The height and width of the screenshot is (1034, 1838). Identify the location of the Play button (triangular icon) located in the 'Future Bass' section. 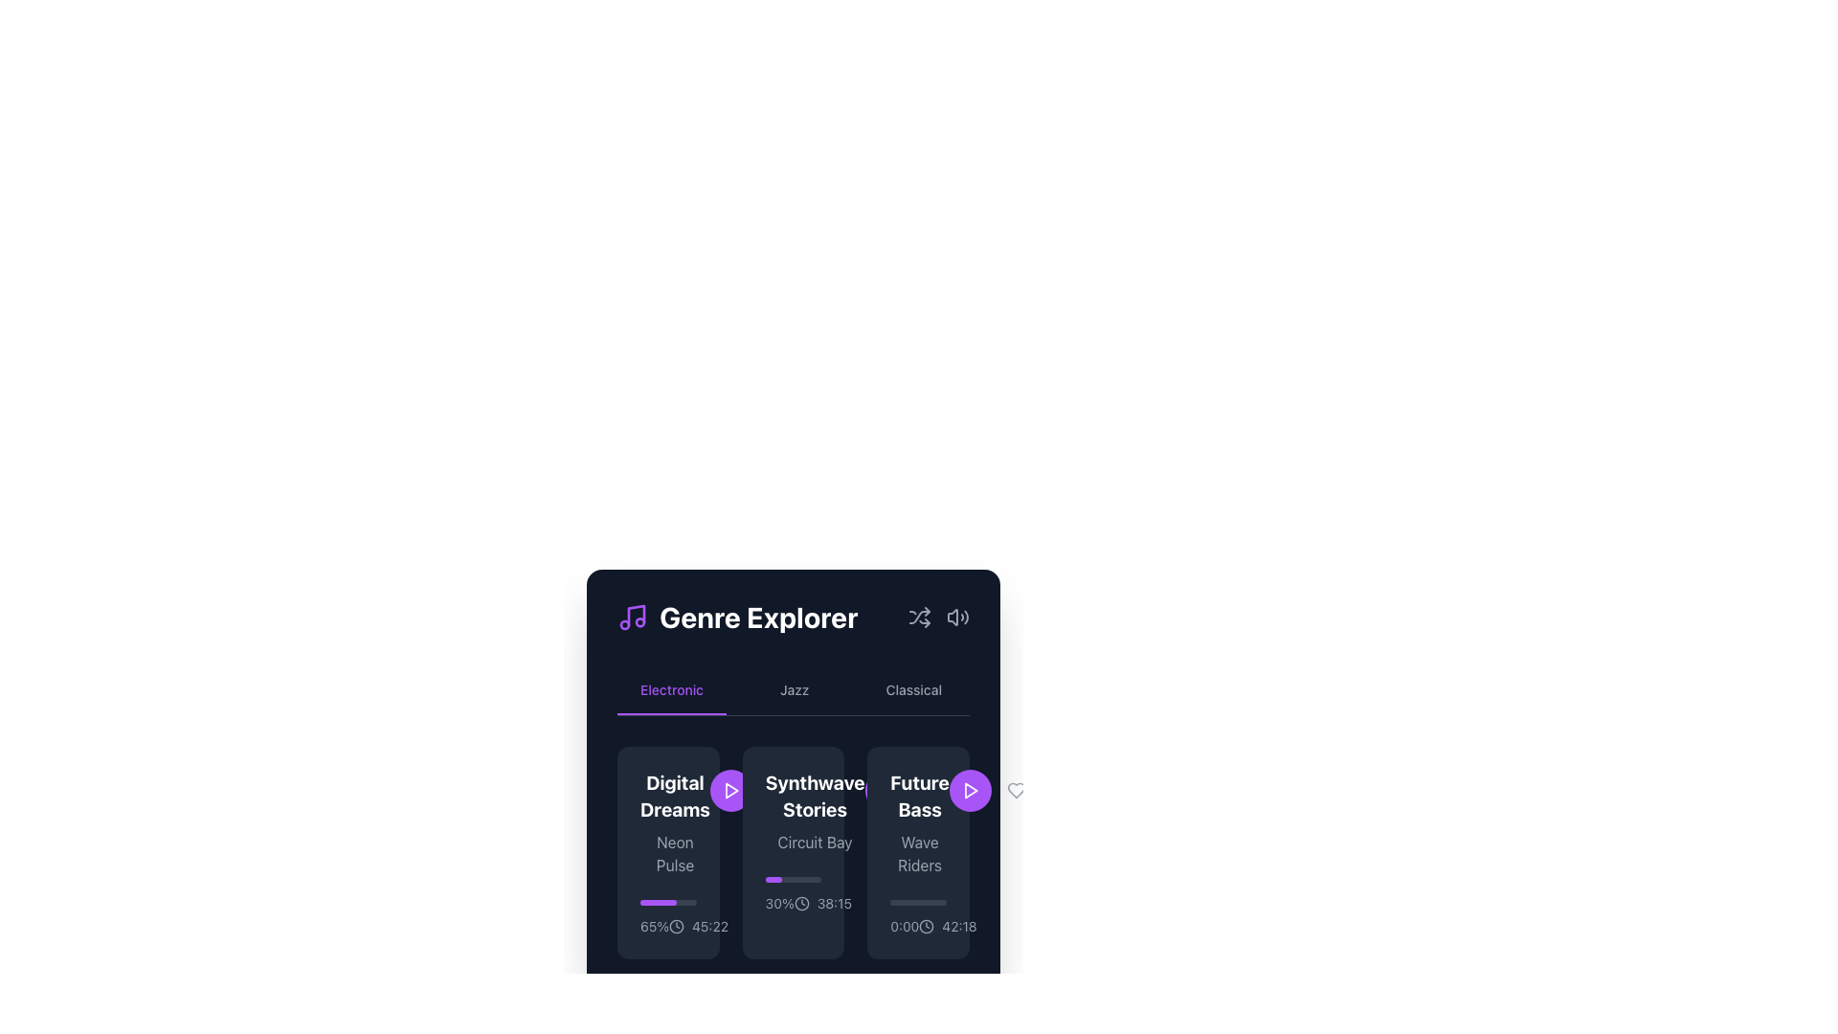
(885, 790).